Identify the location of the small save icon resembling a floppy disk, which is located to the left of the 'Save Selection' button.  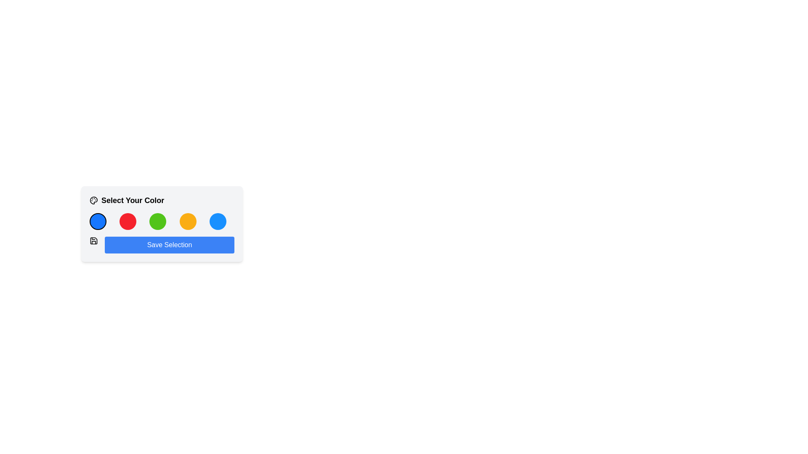
(93, 241).